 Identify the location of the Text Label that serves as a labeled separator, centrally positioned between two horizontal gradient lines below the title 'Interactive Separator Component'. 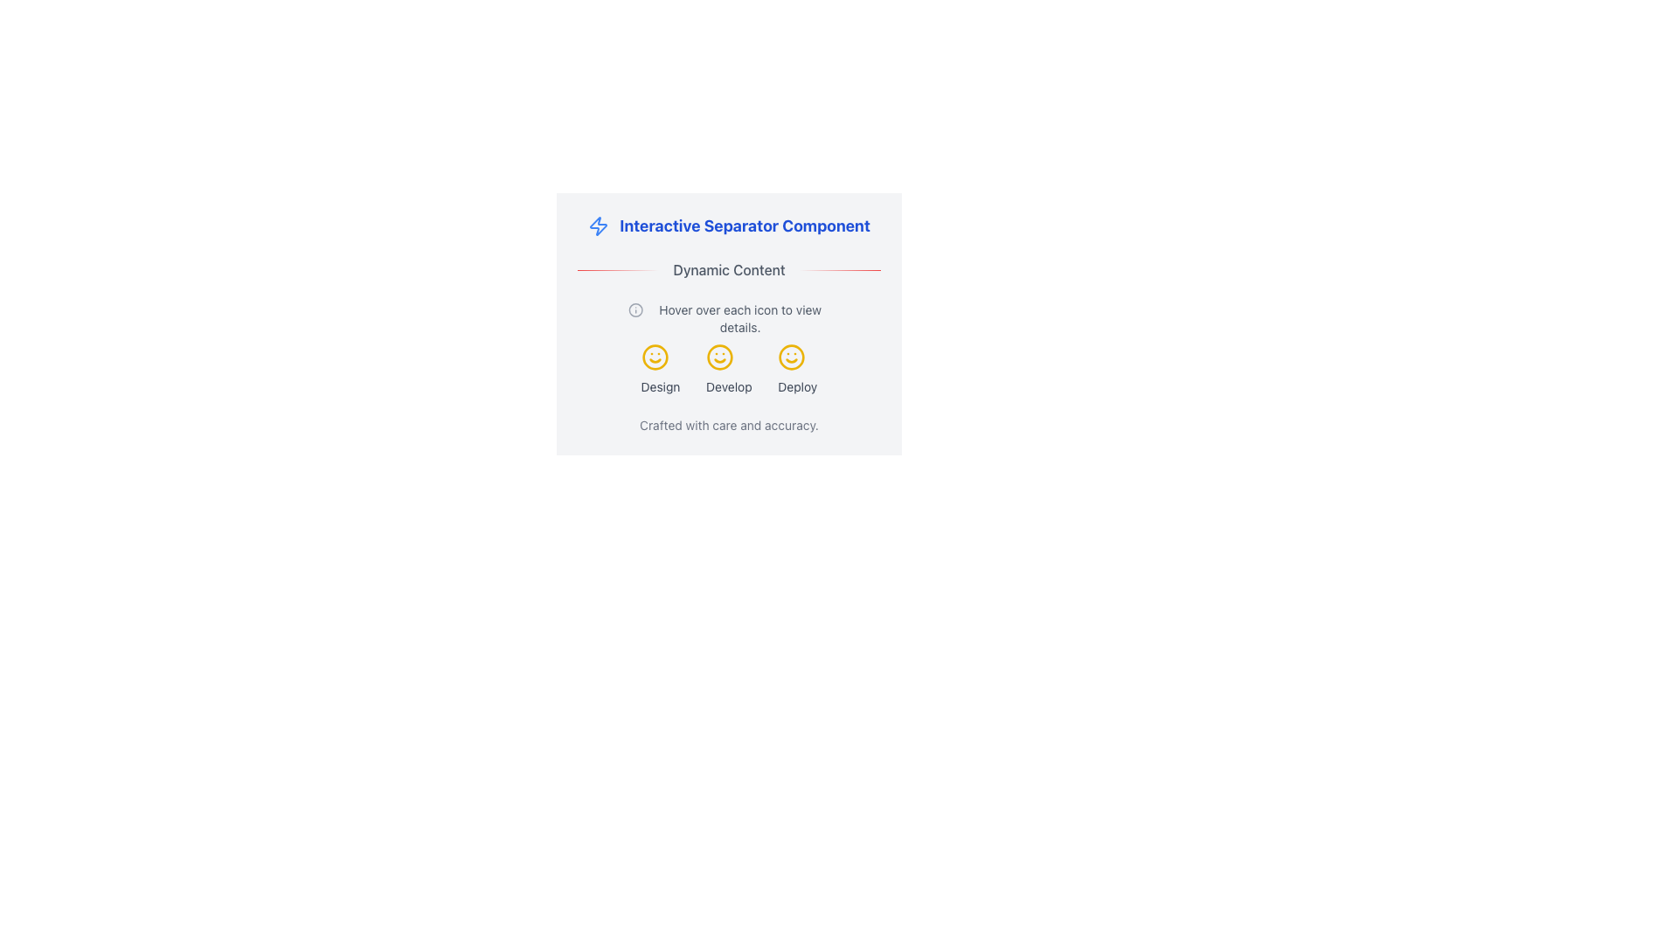
(729, 269).